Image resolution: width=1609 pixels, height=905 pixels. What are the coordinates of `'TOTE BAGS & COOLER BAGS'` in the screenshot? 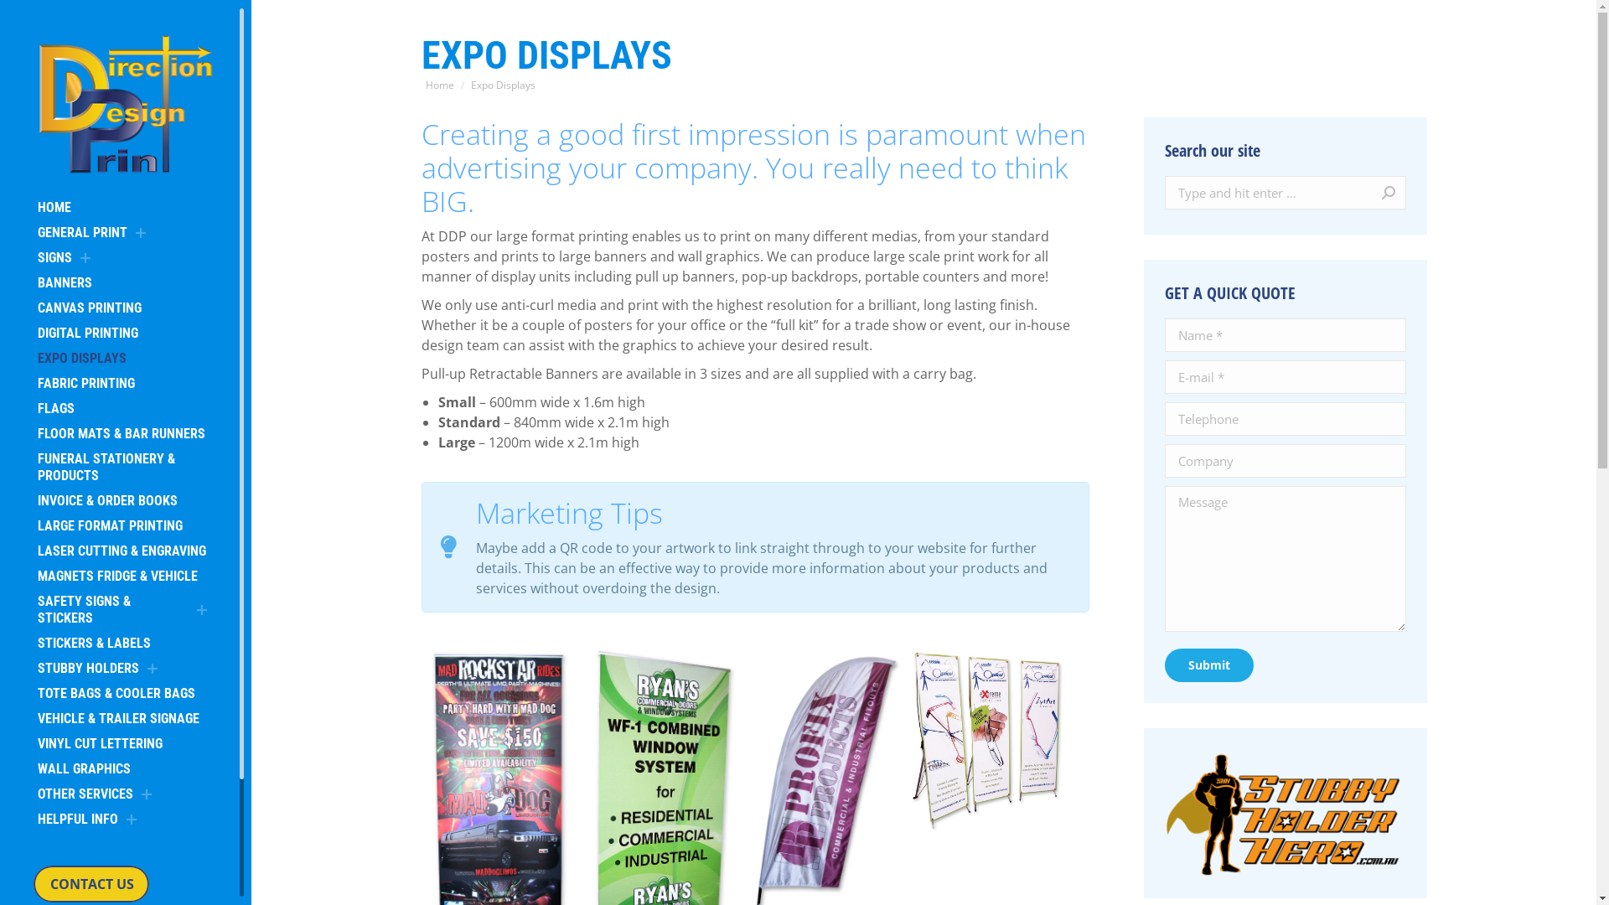 It's located at (116, 694).